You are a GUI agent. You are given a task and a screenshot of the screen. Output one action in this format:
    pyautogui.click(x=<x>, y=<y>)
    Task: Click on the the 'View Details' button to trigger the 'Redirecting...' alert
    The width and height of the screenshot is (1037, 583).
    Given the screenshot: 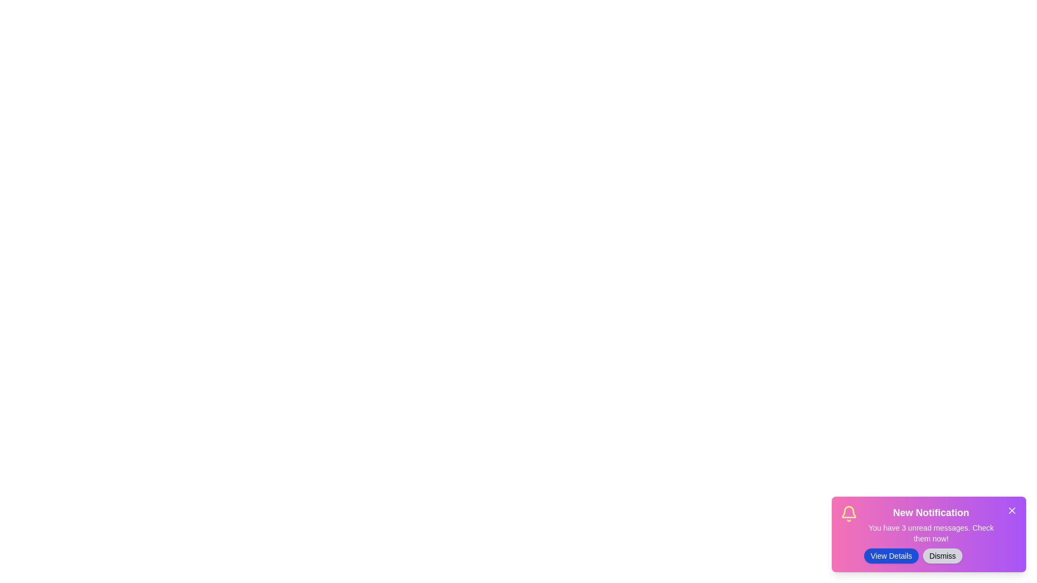 What is the action you would take?
    pyautogui.click(x=891, y=555)
    